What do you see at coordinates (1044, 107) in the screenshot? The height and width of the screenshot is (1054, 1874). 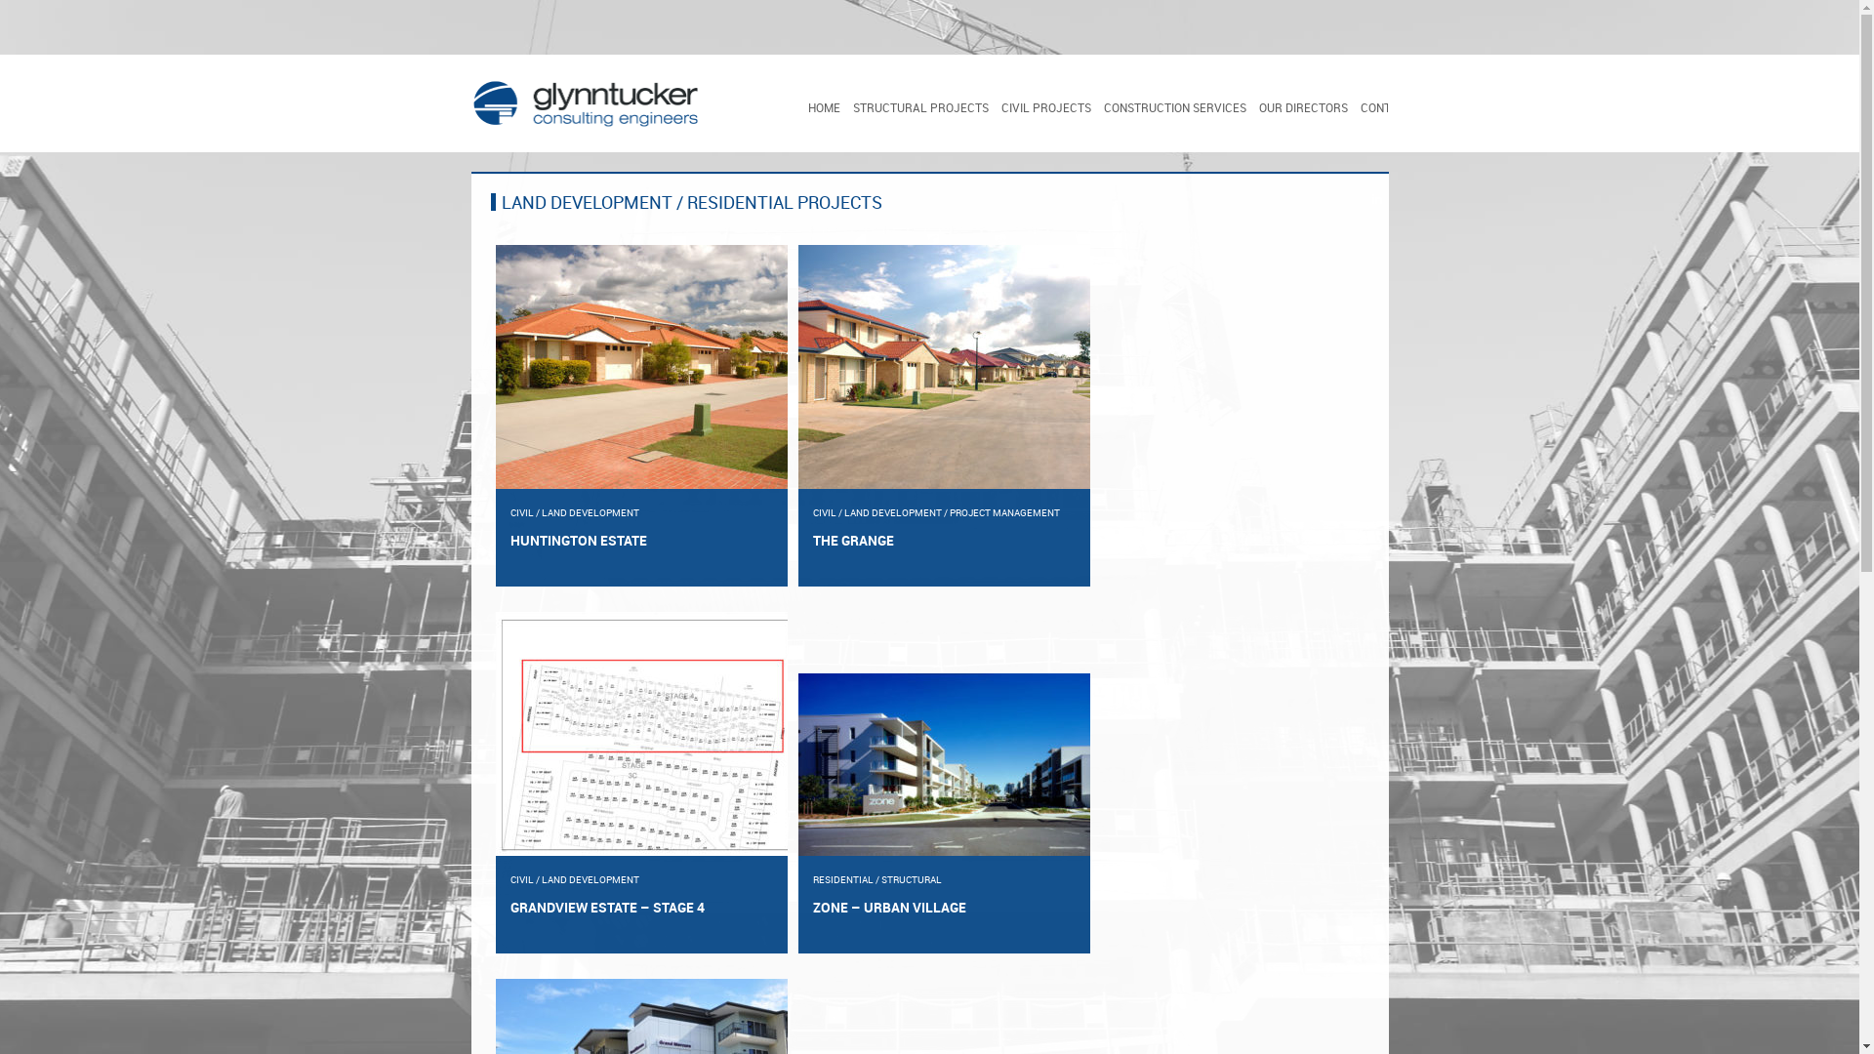 I see `'CIVIL PROJECTS'` at bounding box center [1044, 107].